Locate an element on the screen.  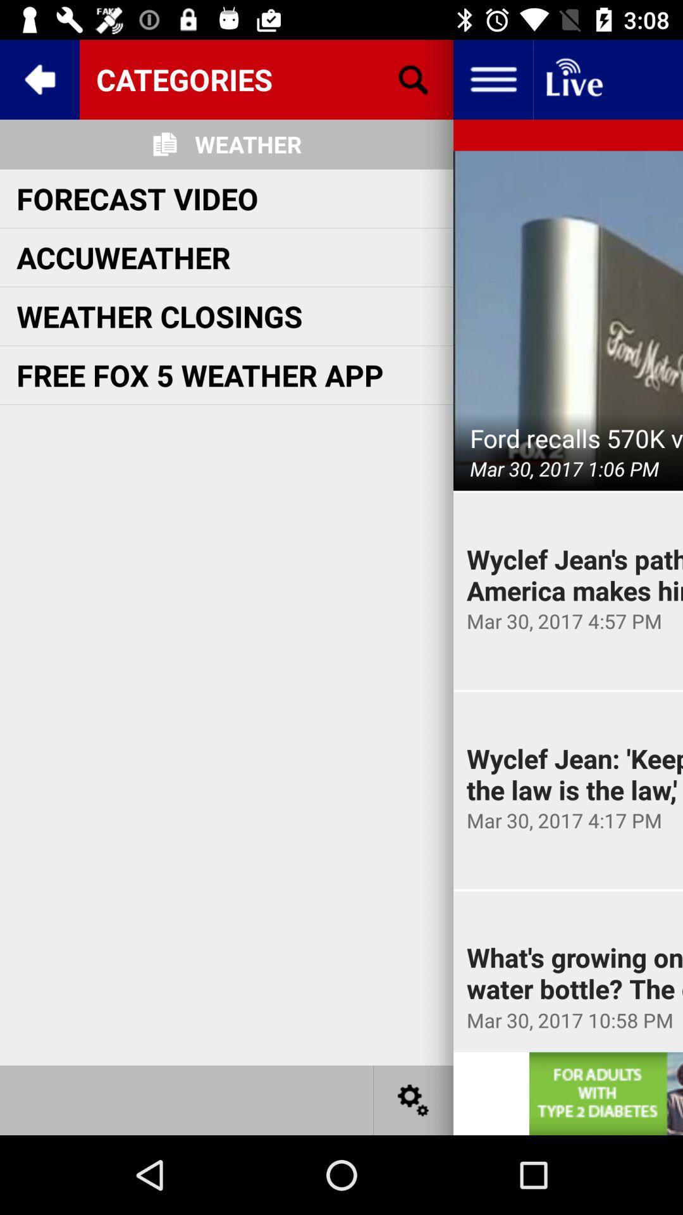
the search icon right to categories is located at coordinates (414, 78).